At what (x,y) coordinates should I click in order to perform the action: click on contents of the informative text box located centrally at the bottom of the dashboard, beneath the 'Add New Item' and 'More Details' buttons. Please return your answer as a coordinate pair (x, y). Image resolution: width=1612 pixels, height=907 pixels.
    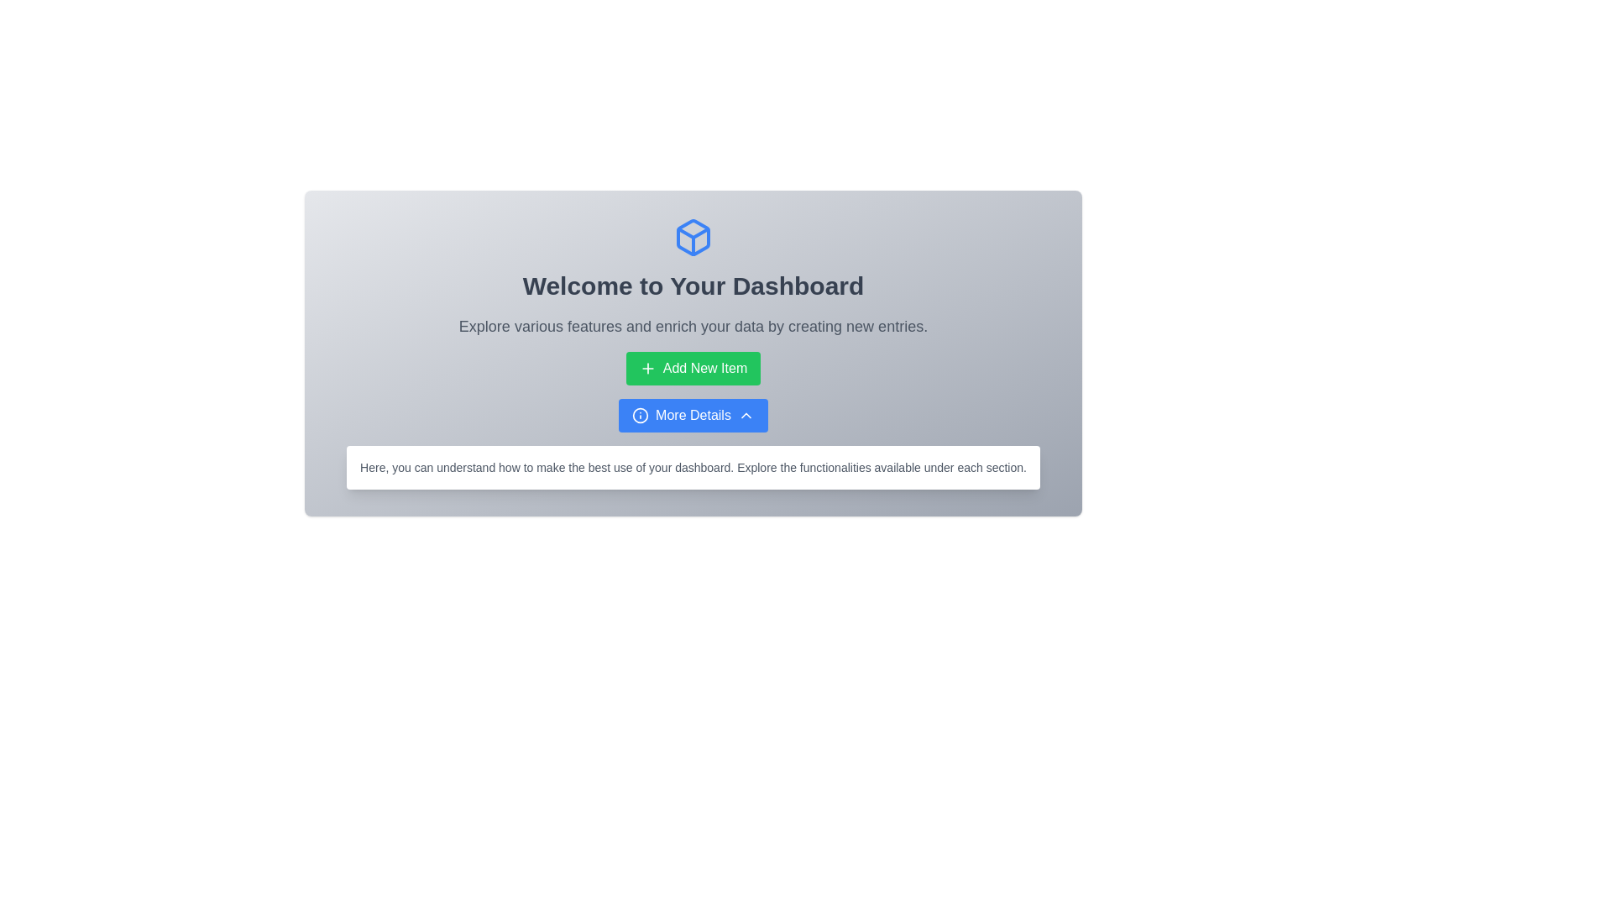
    Looking at the image, I should click on (693, 467).